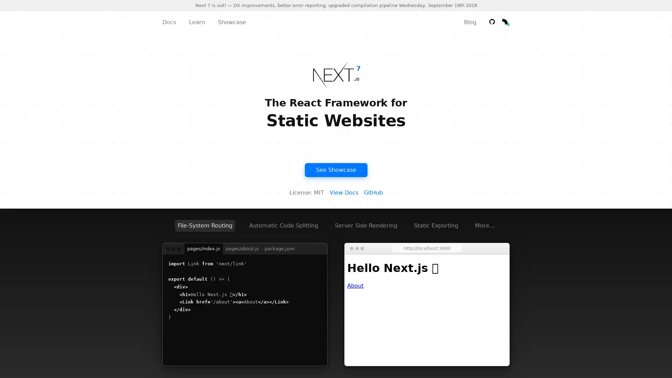  I want to click on See Showcase, so click(335, 170).